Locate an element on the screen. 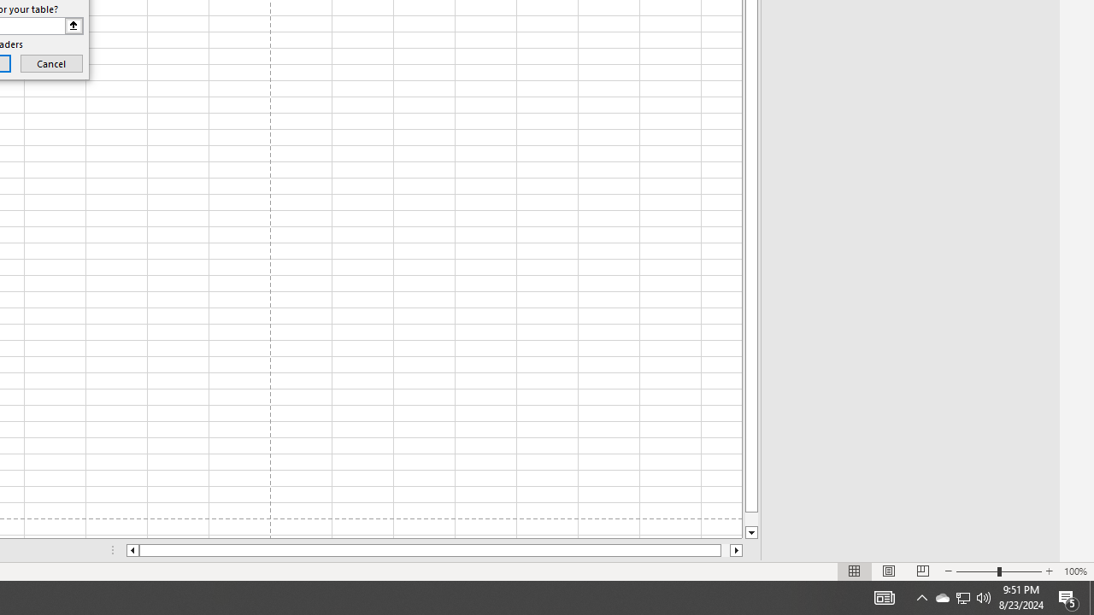  'Column left' is located at coordinates (131, 550).